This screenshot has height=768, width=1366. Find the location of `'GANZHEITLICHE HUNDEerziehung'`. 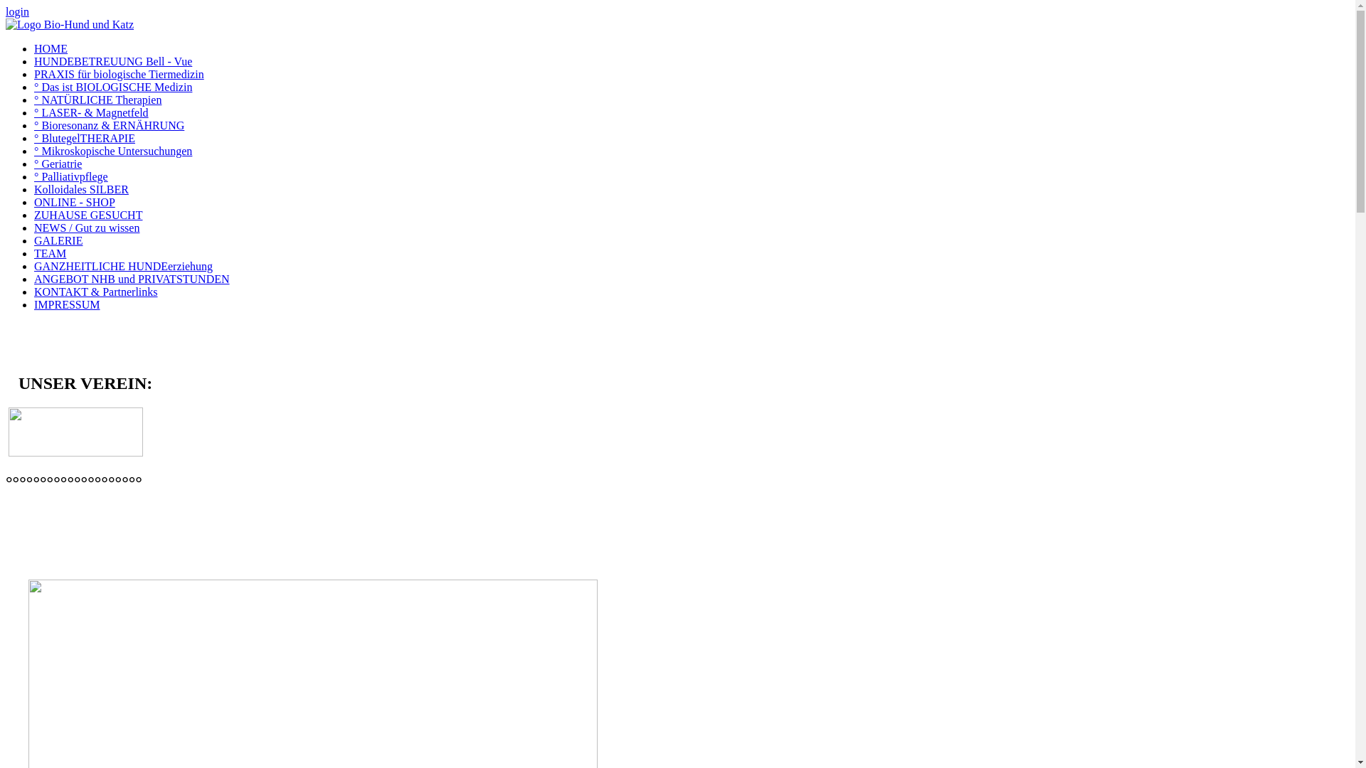

'GANZHEITLICHE HUNDEerziehung' is located at coordinates (123, 266).